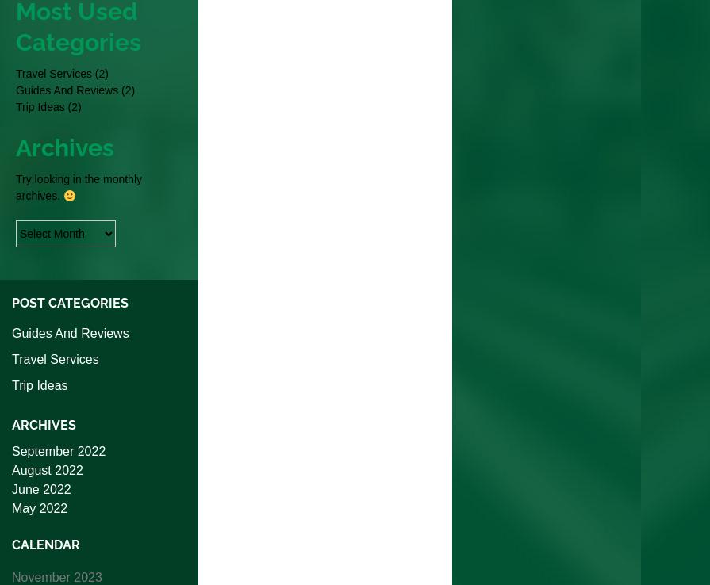 The image size is (710, 585). What do you see at coordinates (59, 451) in the screenshot?
I see `'September 2022'` at bounding box center [59, 451].